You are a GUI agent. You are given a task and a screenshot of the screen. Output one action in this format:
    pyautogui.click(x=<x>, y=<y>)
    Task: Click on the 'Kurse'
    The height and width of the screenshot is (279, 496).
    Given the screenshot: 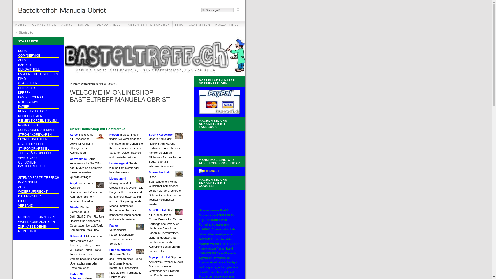 What is the action you would take?
    pyautogui.click(x=73, y=134)
    